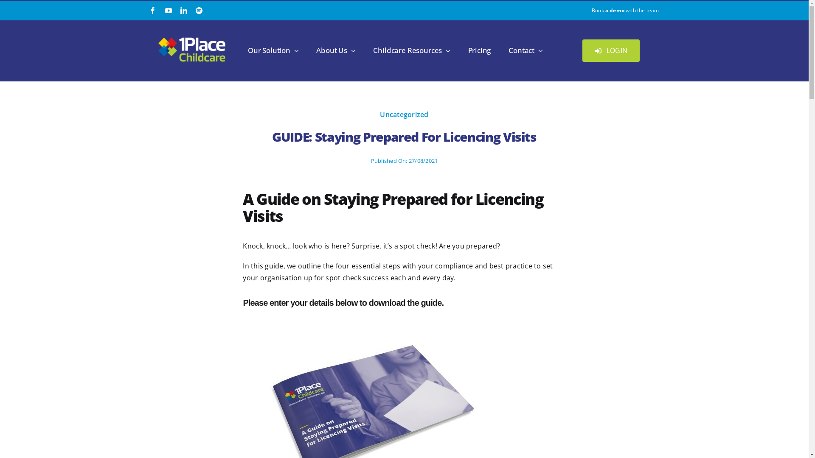 Image resolution: width=815 pixels, height=458 pixels. What do you see at coordinates (403, 114) in the screenshot?
I see `'Uncategorized'` at bounding box center [403, 114].